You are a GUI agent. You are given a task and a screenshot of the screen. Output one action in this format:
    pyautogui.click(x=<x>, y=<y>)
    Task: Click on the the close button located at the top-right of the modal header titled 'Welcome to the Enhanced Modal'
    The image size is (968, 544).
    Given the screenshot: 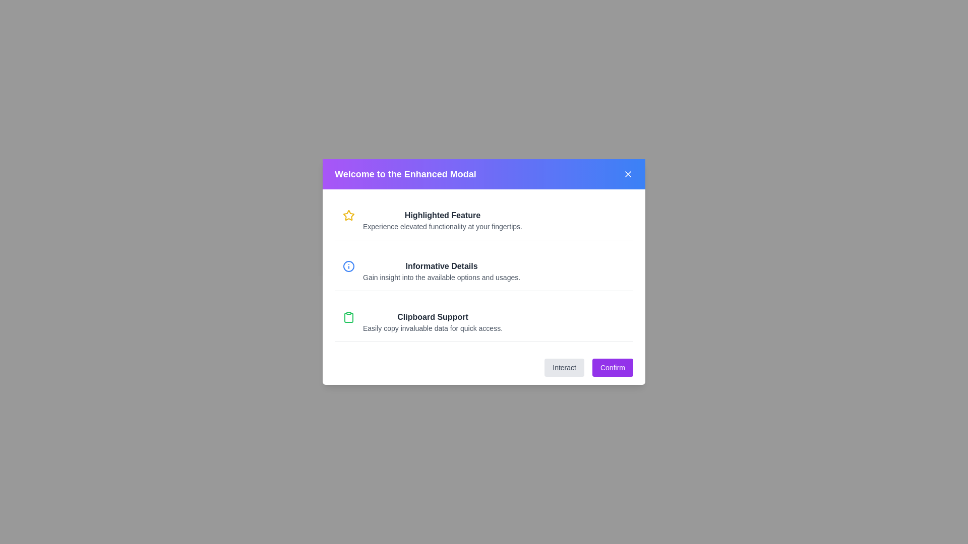 What is the action you would take?
    pyautogui.click(x=627, y=174)
    